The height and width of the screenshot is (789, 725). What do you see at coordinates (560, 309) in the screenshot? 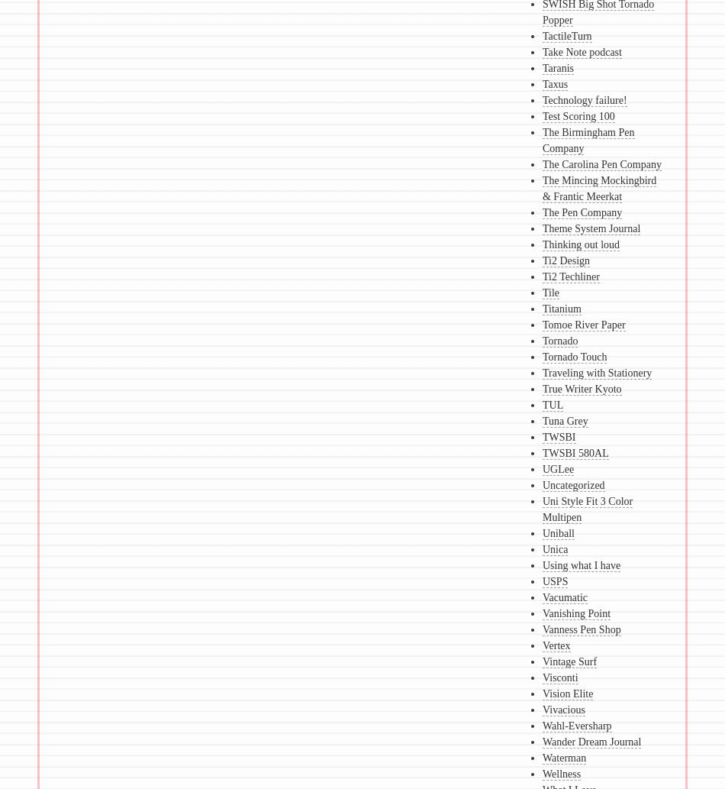
I see `'Titanium'` at bounding box center [560, 309].